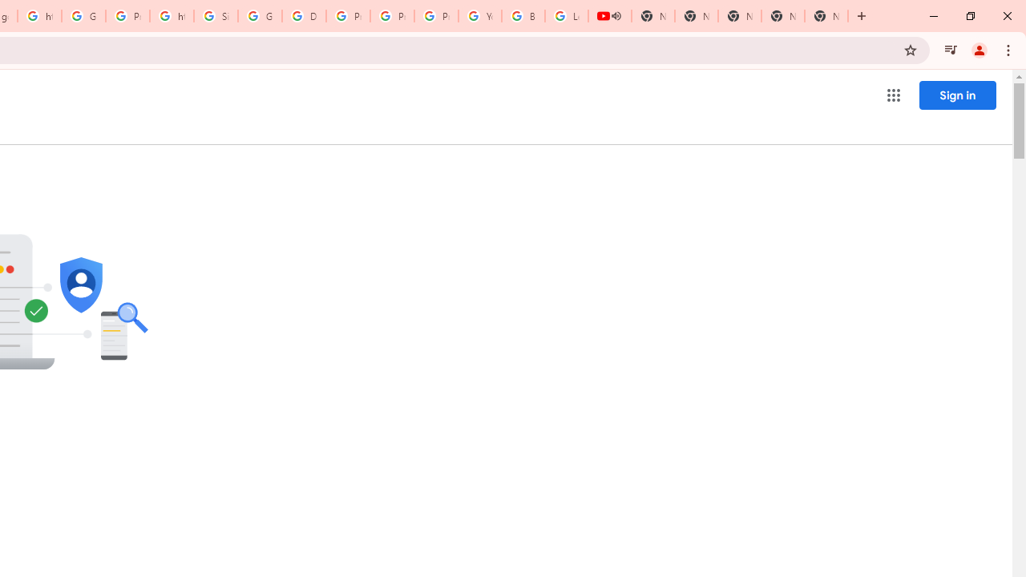  Describe the element at coordinates (215, 16) in the screenshot. I see `'Sign in - Google Accounts'` at that location.